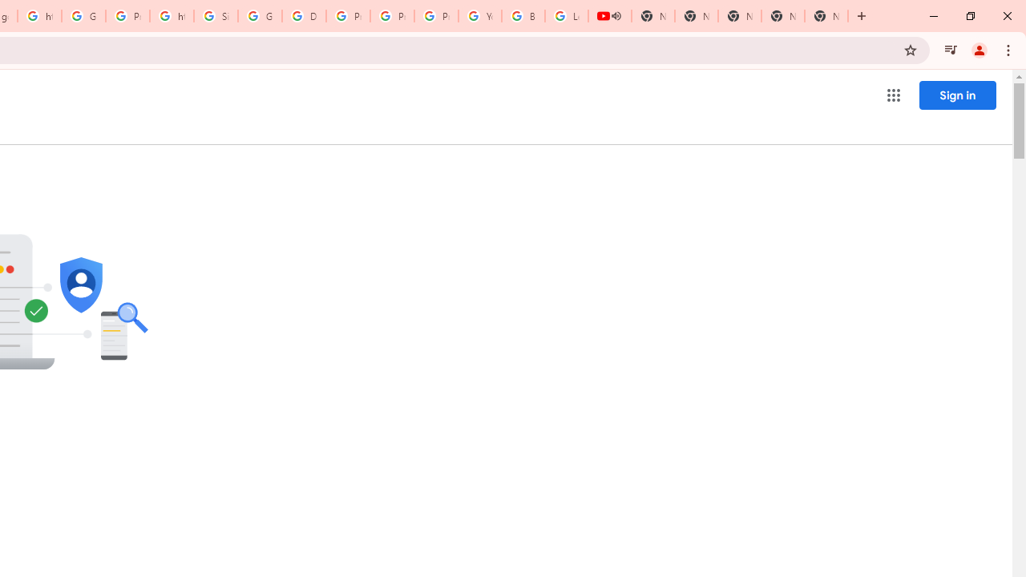  Describe the element at coordinates (215, 16) in the screenshot. I see `'Sign in - Google Accounts'` at that location.